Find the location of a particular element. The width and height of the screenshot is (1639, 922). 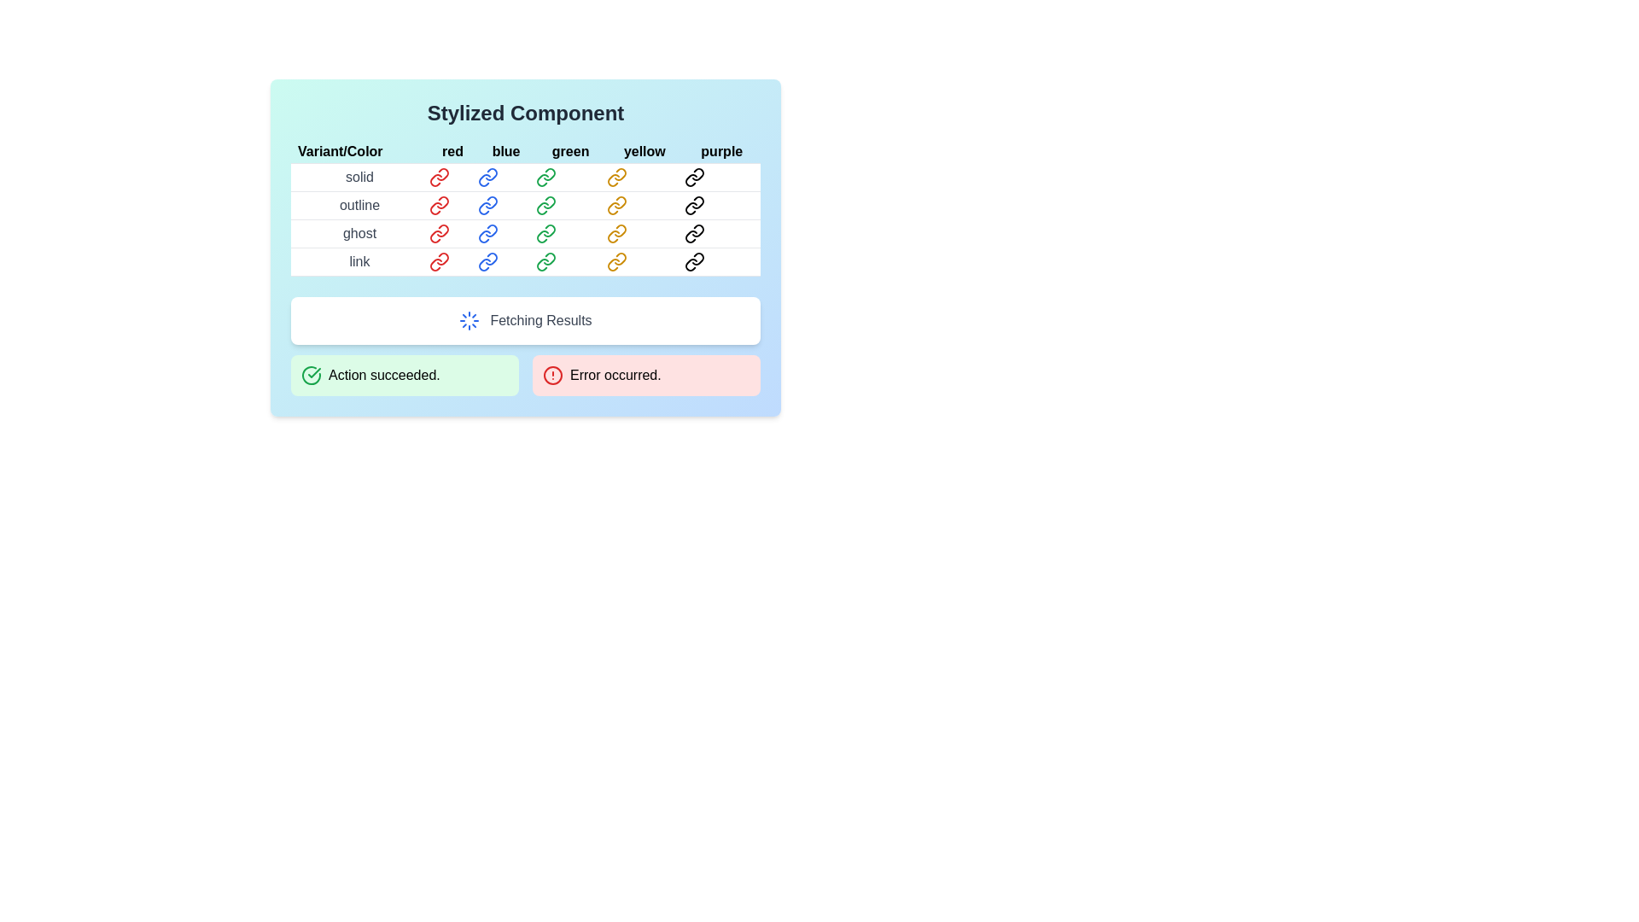

the text label displaying 'red' in the header row, which is located in the second column of a tabular layout is located at coordinates (452, 151).